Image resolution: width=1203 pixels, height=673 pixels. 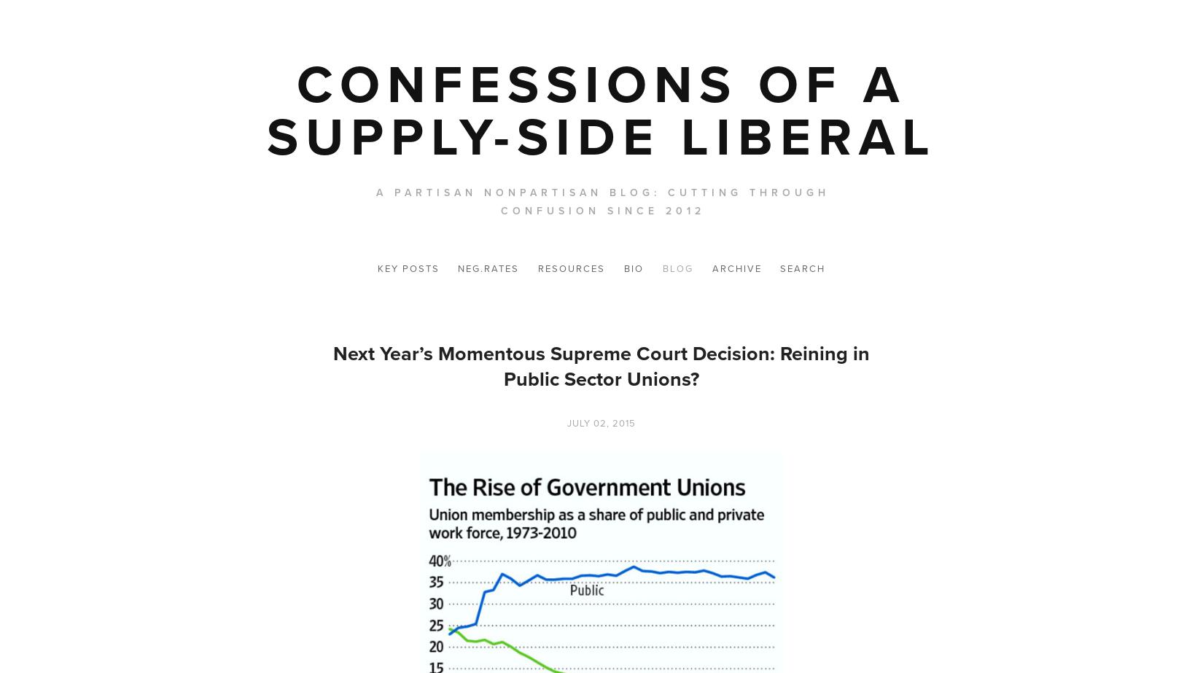 I want to click on 'Resources', so click(x=571, y=268).